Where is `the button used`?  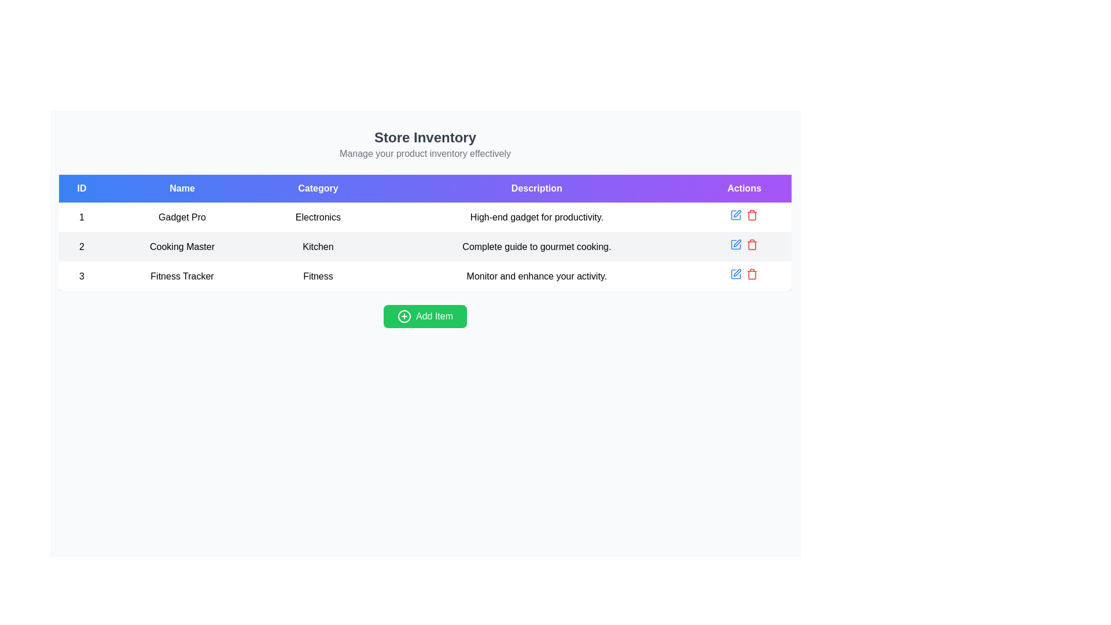 the button used is located at coordinates (424, 317).